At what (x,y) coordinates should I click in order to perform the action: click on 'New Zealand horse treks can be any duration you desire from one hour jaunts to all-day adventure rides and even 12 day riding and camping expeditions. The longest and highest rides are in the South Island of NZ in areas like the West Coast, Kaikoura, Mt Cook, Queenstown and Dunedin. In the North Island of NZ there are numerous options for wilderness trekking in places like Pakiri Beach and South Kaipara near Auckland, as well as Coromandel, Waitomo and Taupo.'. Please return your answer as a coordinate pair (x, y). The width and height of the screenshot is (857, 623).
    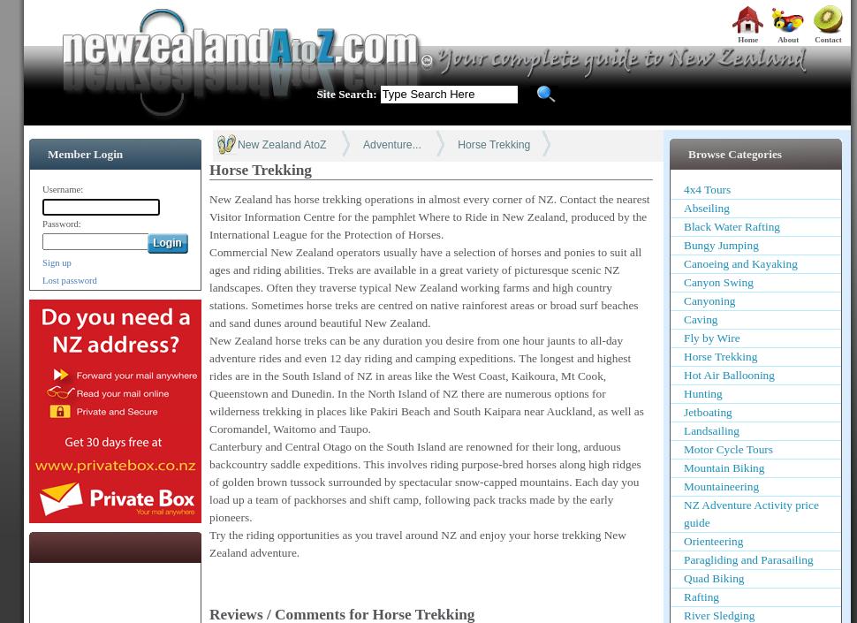
    Looking at the image, I should click on (425, 383).